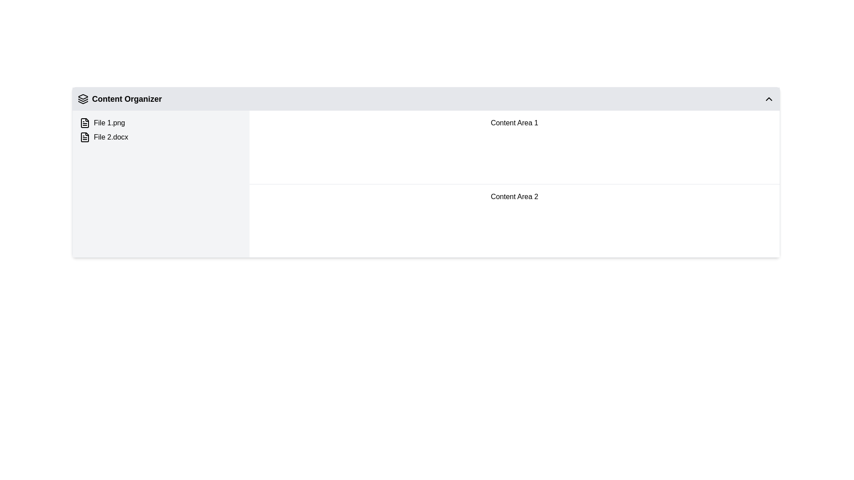 This screenshot has height=480, width=854. Describe the element at coordinates (126, 99) in the screenshot. I see `text content of the 'Content Organizer' label, which is a bold text label positioned at the top-left corner of its section, next to a stacked layers icon` at that location.